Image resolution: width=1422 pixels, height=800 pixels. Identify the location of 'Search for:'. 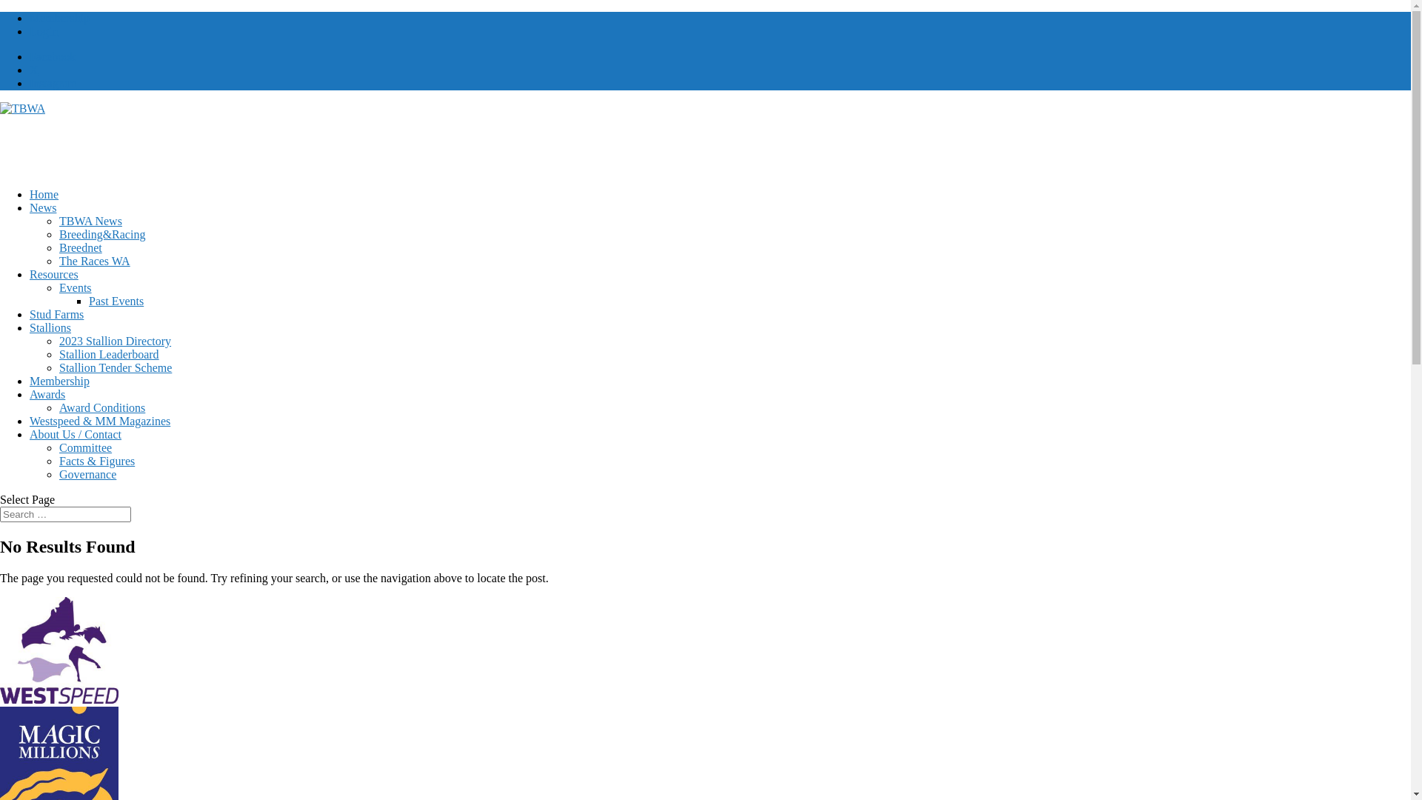
(64, 513).